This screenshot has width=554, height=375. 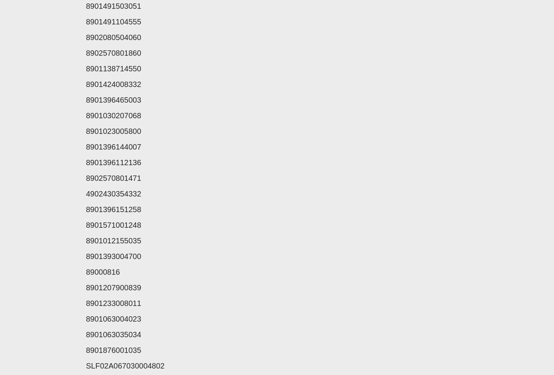 What do you see at coordinates (125, 366) in the screenshot?
I see `'SLF02A067030004802'` at bounding box center [125, 366].